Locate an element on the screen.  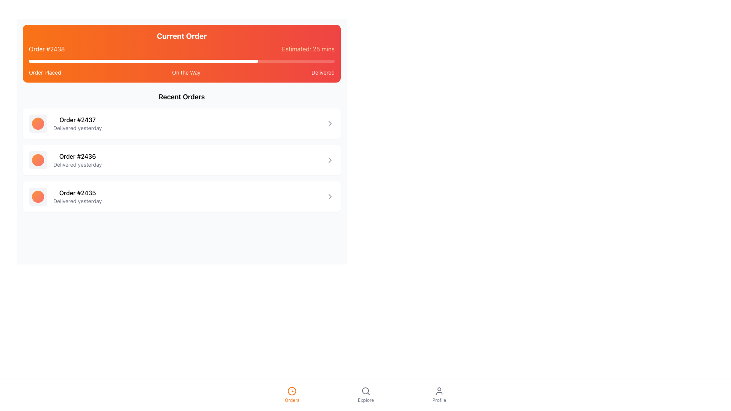
the text label displaying the identifier for the second past order in the 'Recent Orders' list, positioned under the 'Recent Orders' heading is located at coordinates (77, 156).